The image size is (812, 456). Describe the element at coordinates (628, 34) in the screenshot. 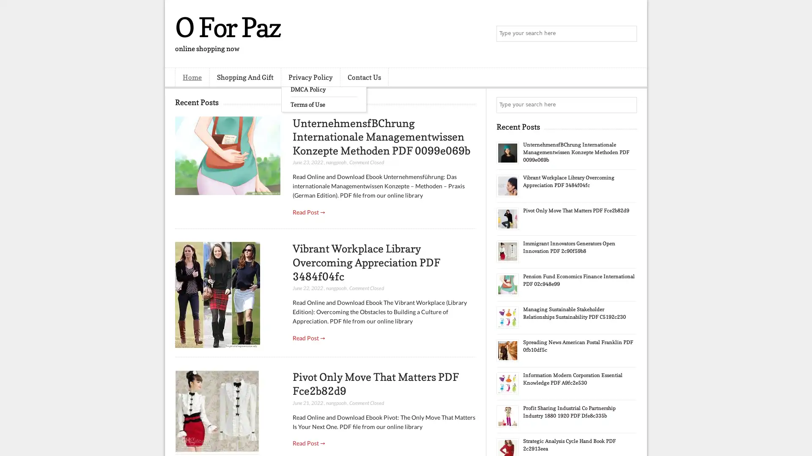

I see `Search` at that location.